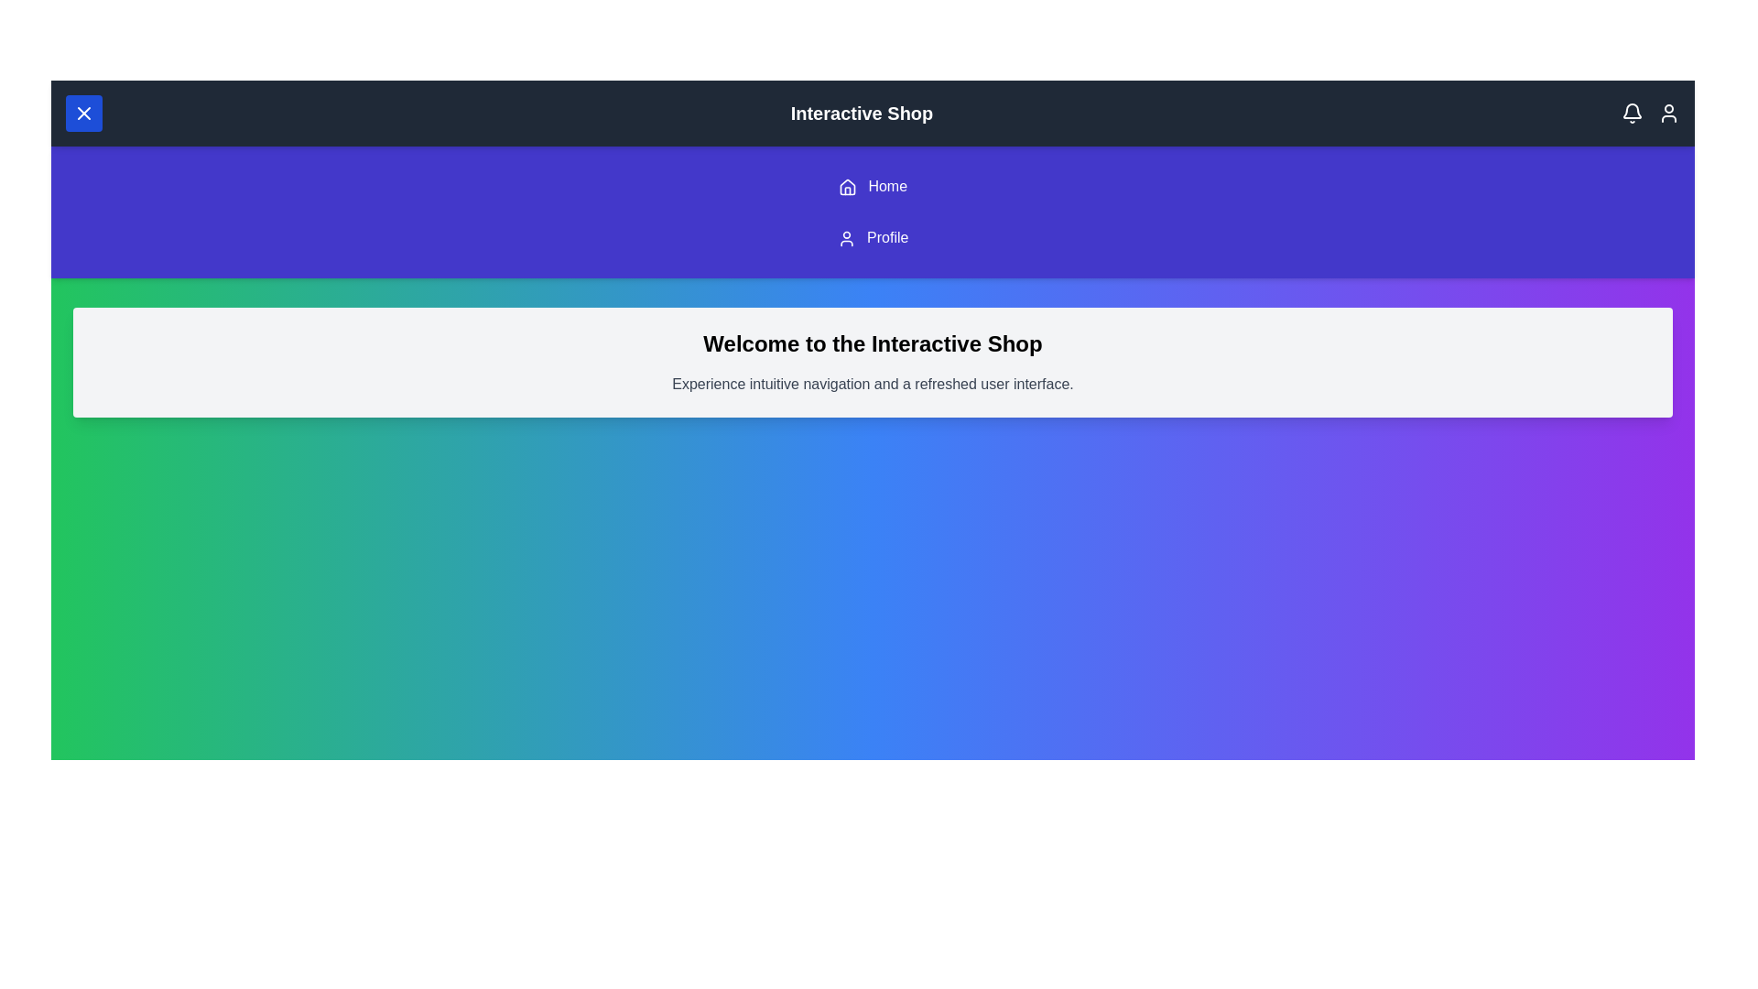 The image size is (1758, 989). What do you see at coordinates (82, 113) in the screenshot?
I see `the menu button to toggle the menu` at bounding box center [82, 113].